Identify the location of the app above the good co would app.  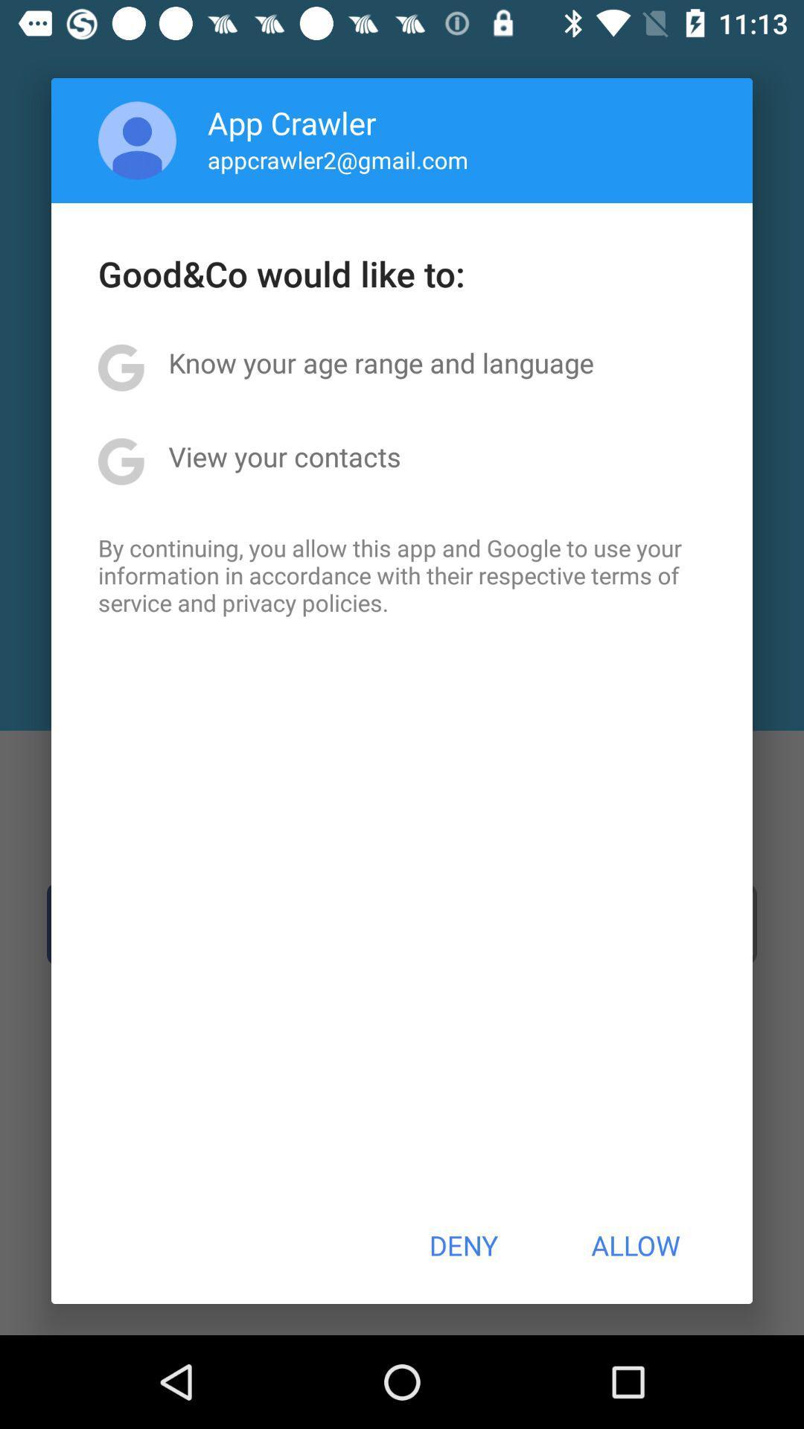
(137, 140).